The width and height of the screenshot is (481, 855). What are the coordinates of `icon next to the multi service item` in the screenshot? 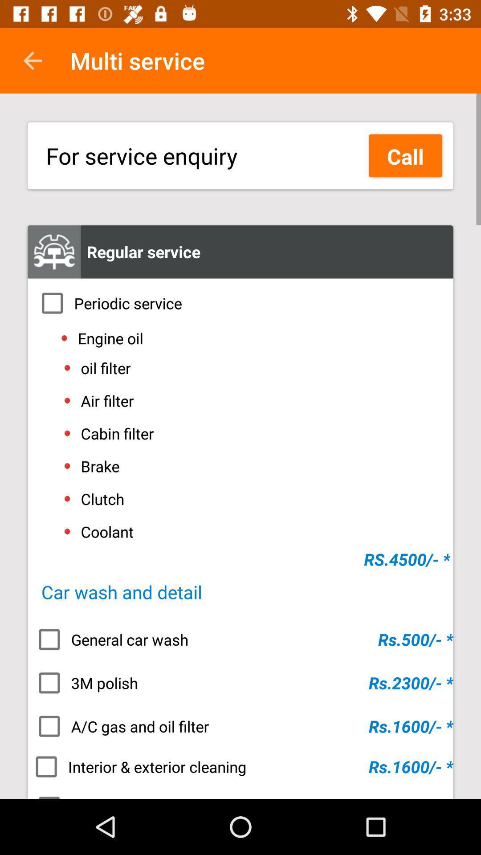 It's located at (32, 60).